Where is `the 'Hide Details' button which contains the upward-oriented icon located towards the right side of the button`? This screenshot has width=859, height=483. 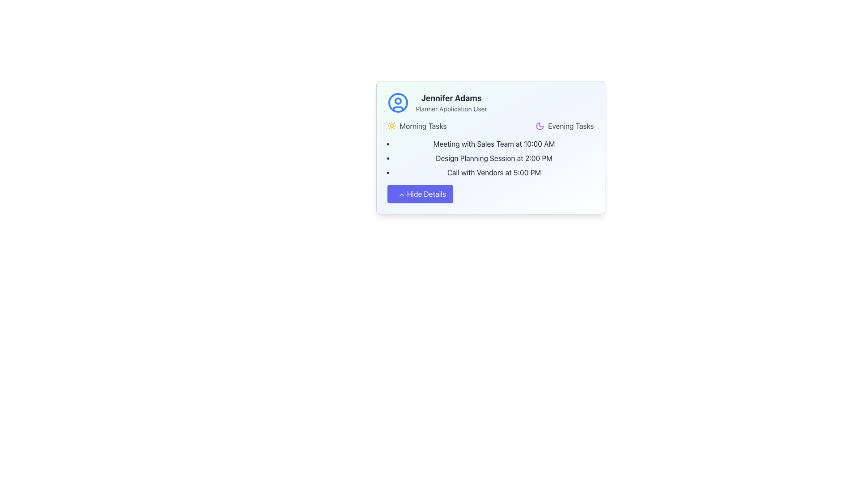 the 'Hide Details' button which contains the upward-oriented icon located towards the right side of the button is located at coordinates (401, 194).